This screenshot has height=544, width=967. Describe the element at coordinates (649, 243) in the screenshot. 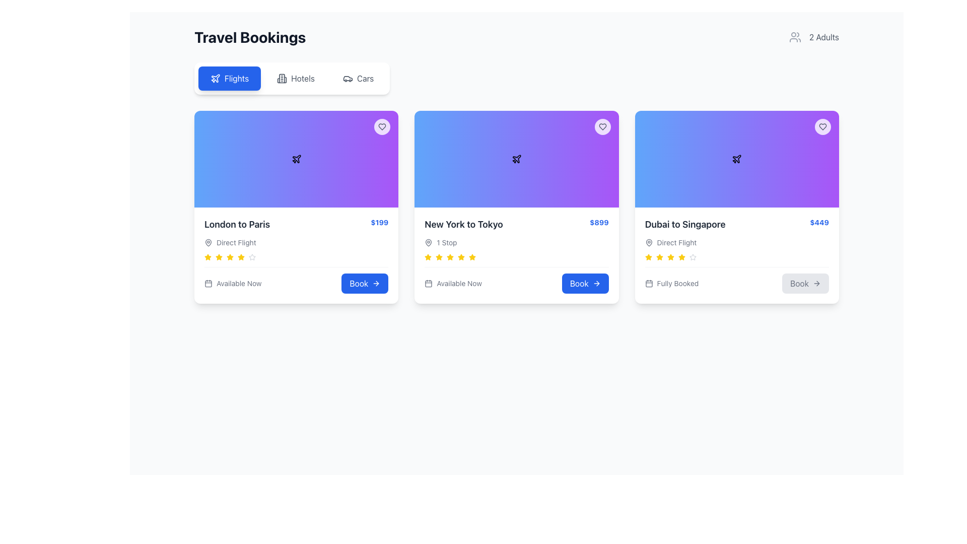

I see `the icon that indicates a direct flight, located to the left of the 'Direct Flight' label in the trip card from Dubai to Singapore` at that location.